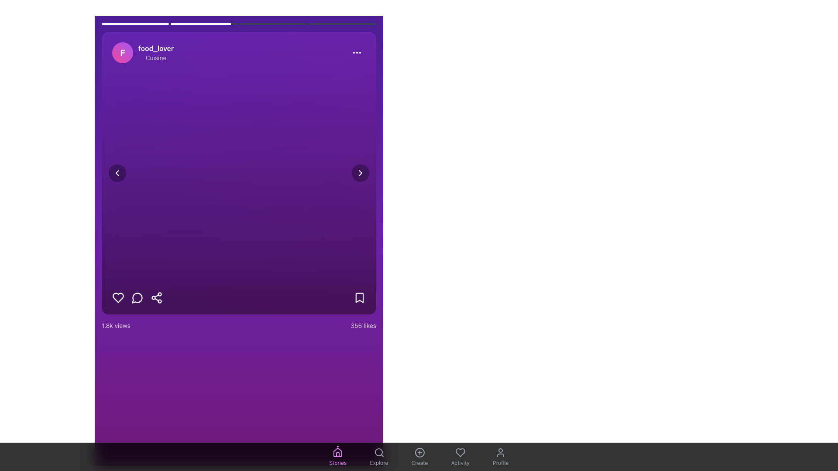 The width and height of the screenshot is (838, 471). Describe the element at coordinates (157, 297) in the screenshot. I see `the share icon, which features a network symbol made of interconnected circles and is located as the third icon in the row at the bottom of the content card` at that location.